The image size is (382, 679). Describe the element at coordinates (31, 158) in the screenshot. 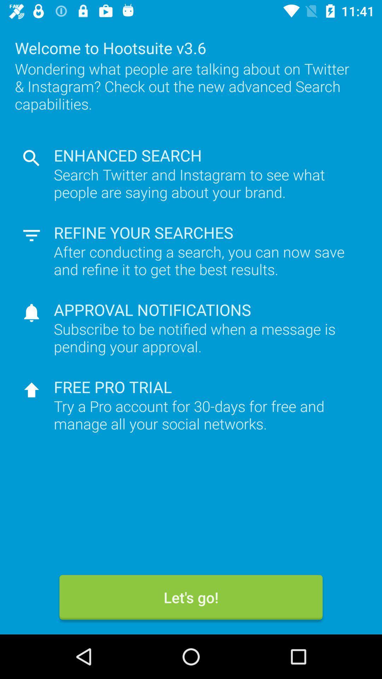

I see `the search button on the web page` at that location.